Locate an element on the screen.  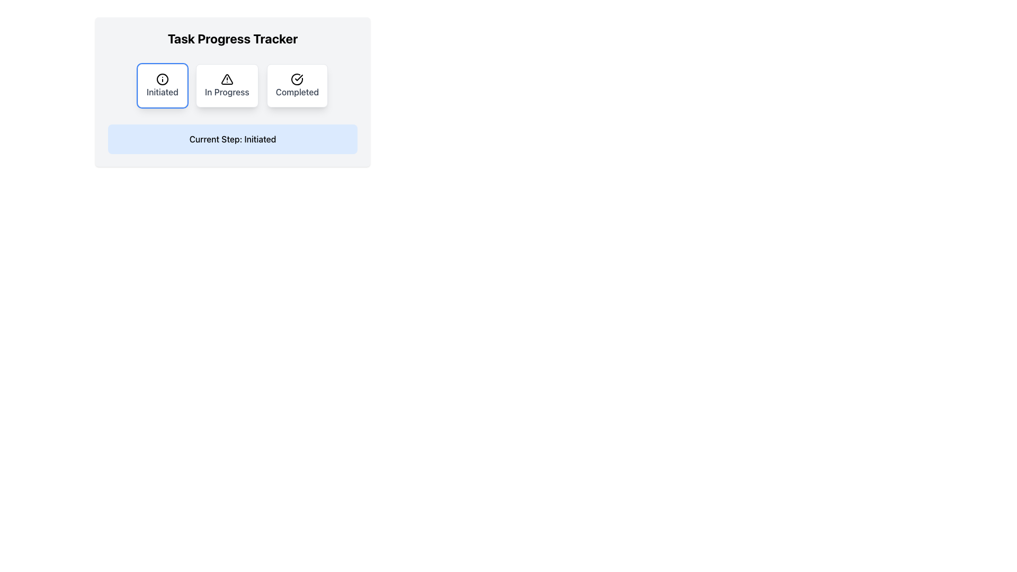
the Status Indicator Card, which is the third card in a horizontal row and features a circular icon with a checkmark indicating task completion is located at coordinates (297, 85).